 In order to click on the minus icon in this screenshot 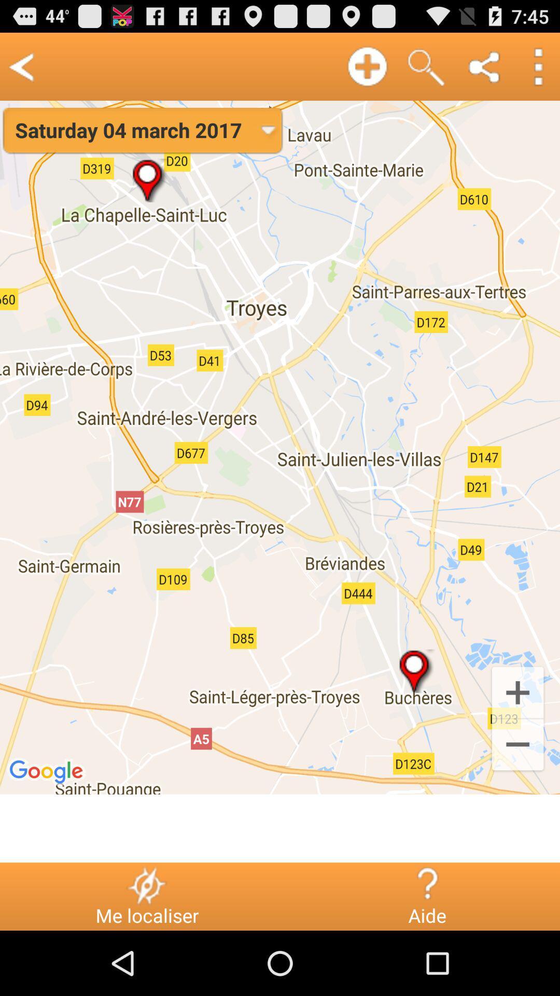, I will do `click(517, 798)`.